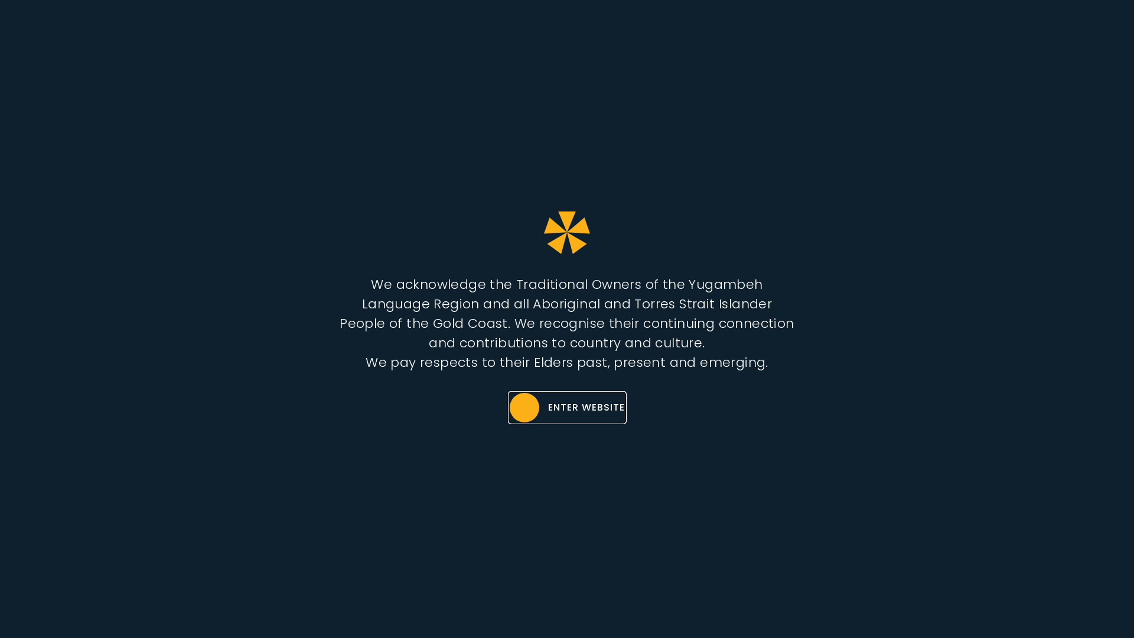 This screenshot has height=638, width=1134. What do you see at coordinates (651, 351) in the screenshot?
I see `'VIEW OUR PROJECTS'` at bounding box center [651, 351].